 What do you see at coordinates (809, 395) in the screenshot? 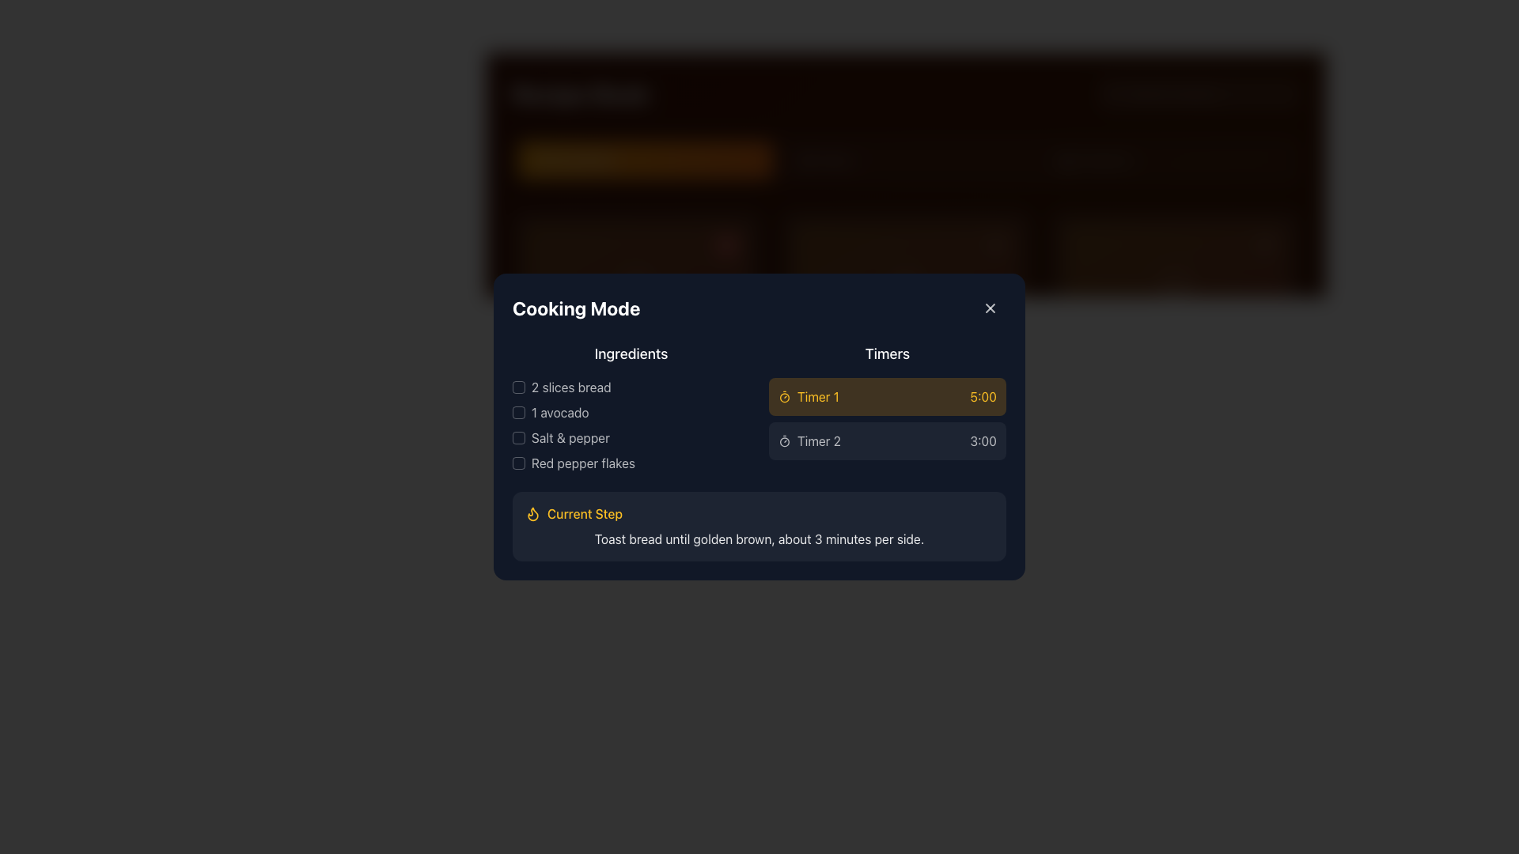
I see `the Label with icon that indicates the associated timer's name, positioned as the first timer entry under the 'Timers' section, to the left of the time '5:00'` at bounding box center [809, 395].